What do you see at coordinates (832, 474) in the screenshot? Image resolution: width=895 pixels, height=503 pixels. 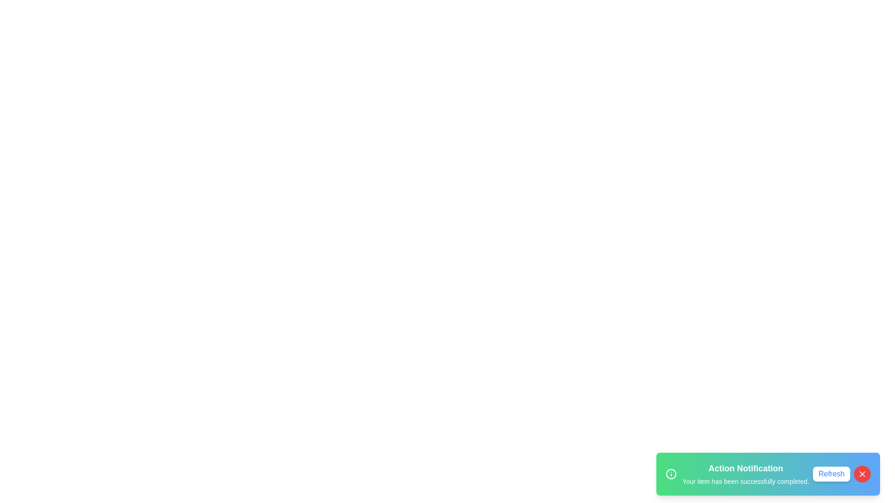 I see `the 'Refresh' button to trigger the refresh action` at bounding box center [832, 474].